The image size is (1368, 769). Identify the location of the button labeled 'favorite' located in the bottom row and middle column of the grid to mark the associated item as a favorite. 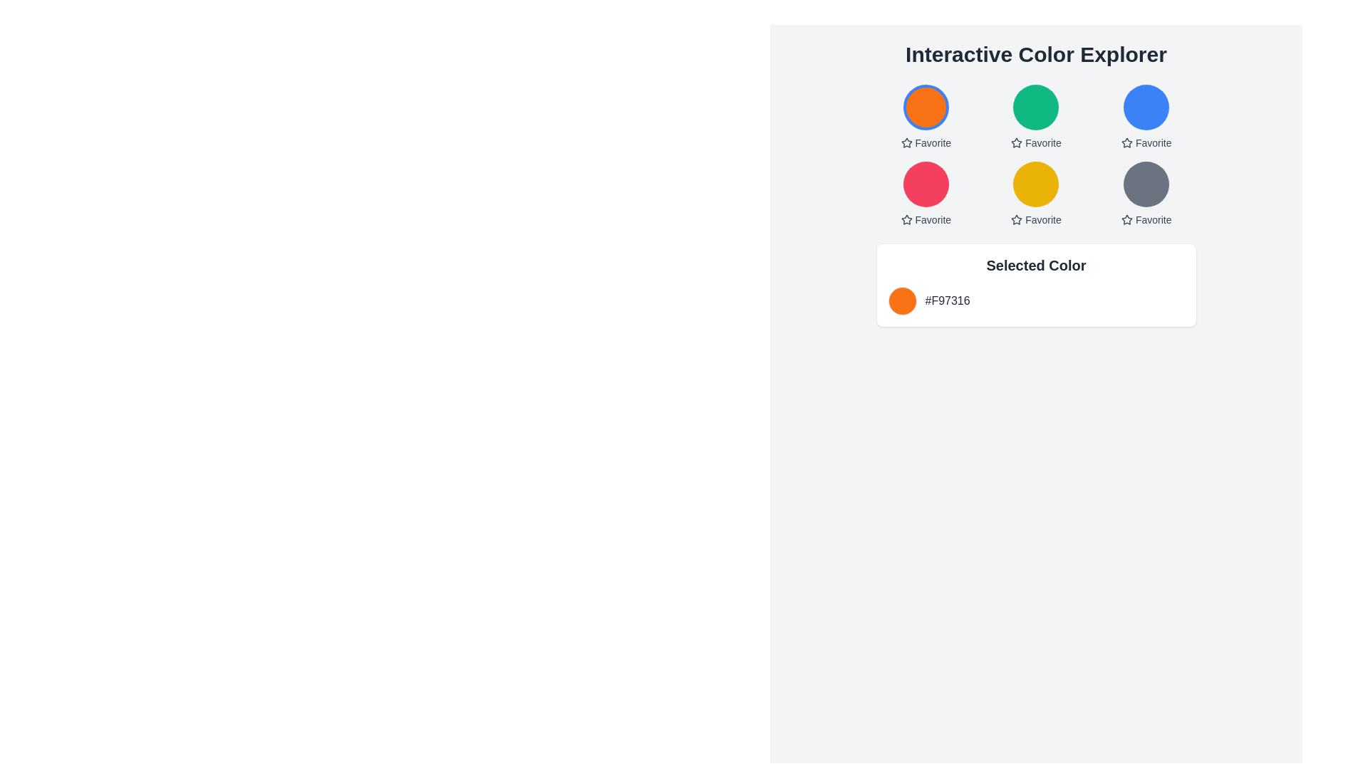
(1036, 194).